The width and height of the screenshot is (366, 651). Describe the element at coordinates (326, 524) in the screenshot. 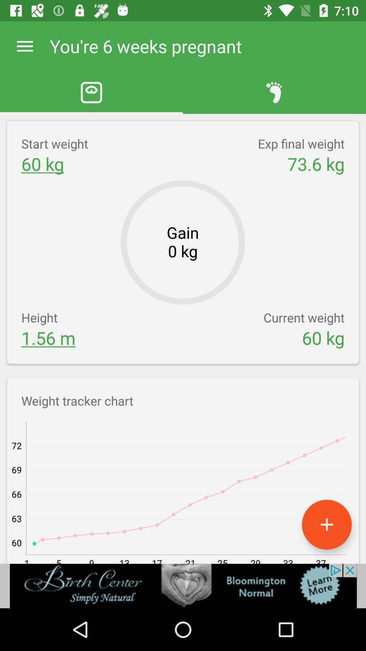

I see `open new window` at that location.